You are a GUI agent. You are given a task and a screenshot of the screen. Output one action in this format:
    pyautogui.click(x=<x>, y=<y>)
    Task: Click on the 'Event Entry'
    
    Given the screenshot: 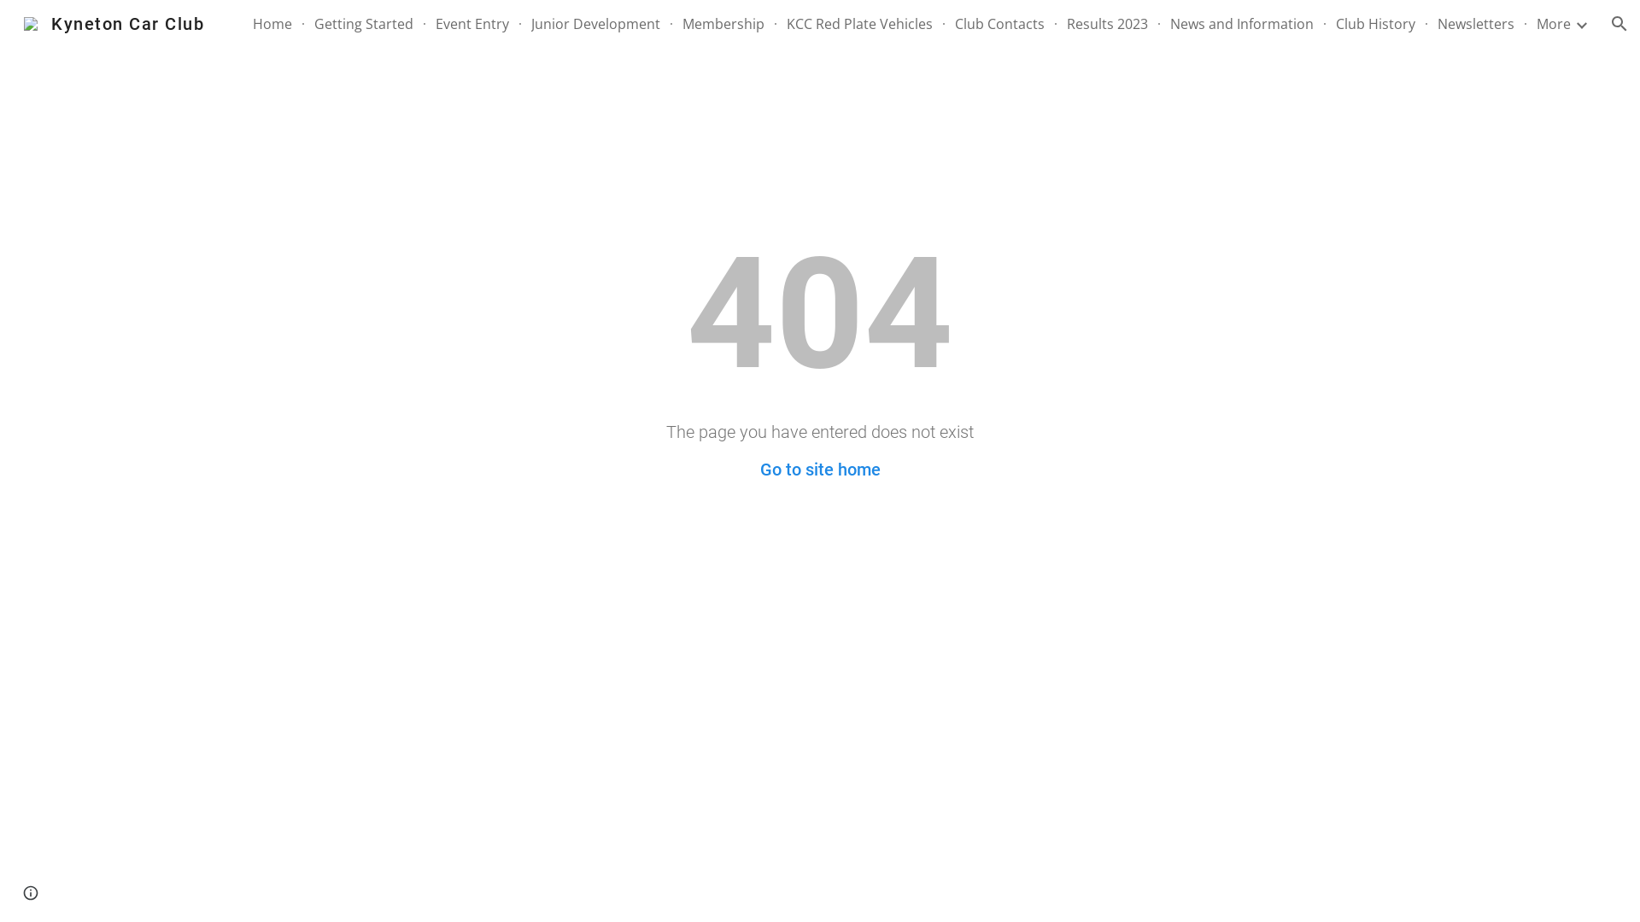 What is the action you would take?
    pyautogui.click(x=471, y=23)
    